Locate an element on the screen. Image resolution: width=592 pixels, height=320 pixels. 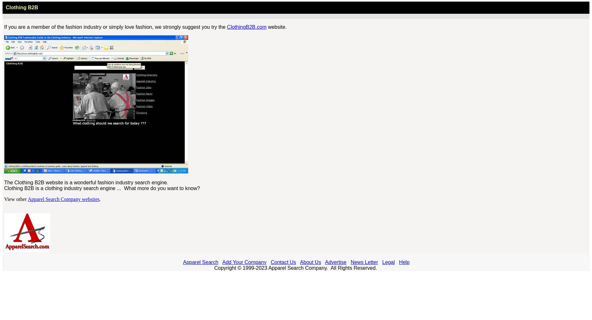
'News Letter' is located at coordinates (350, 262).